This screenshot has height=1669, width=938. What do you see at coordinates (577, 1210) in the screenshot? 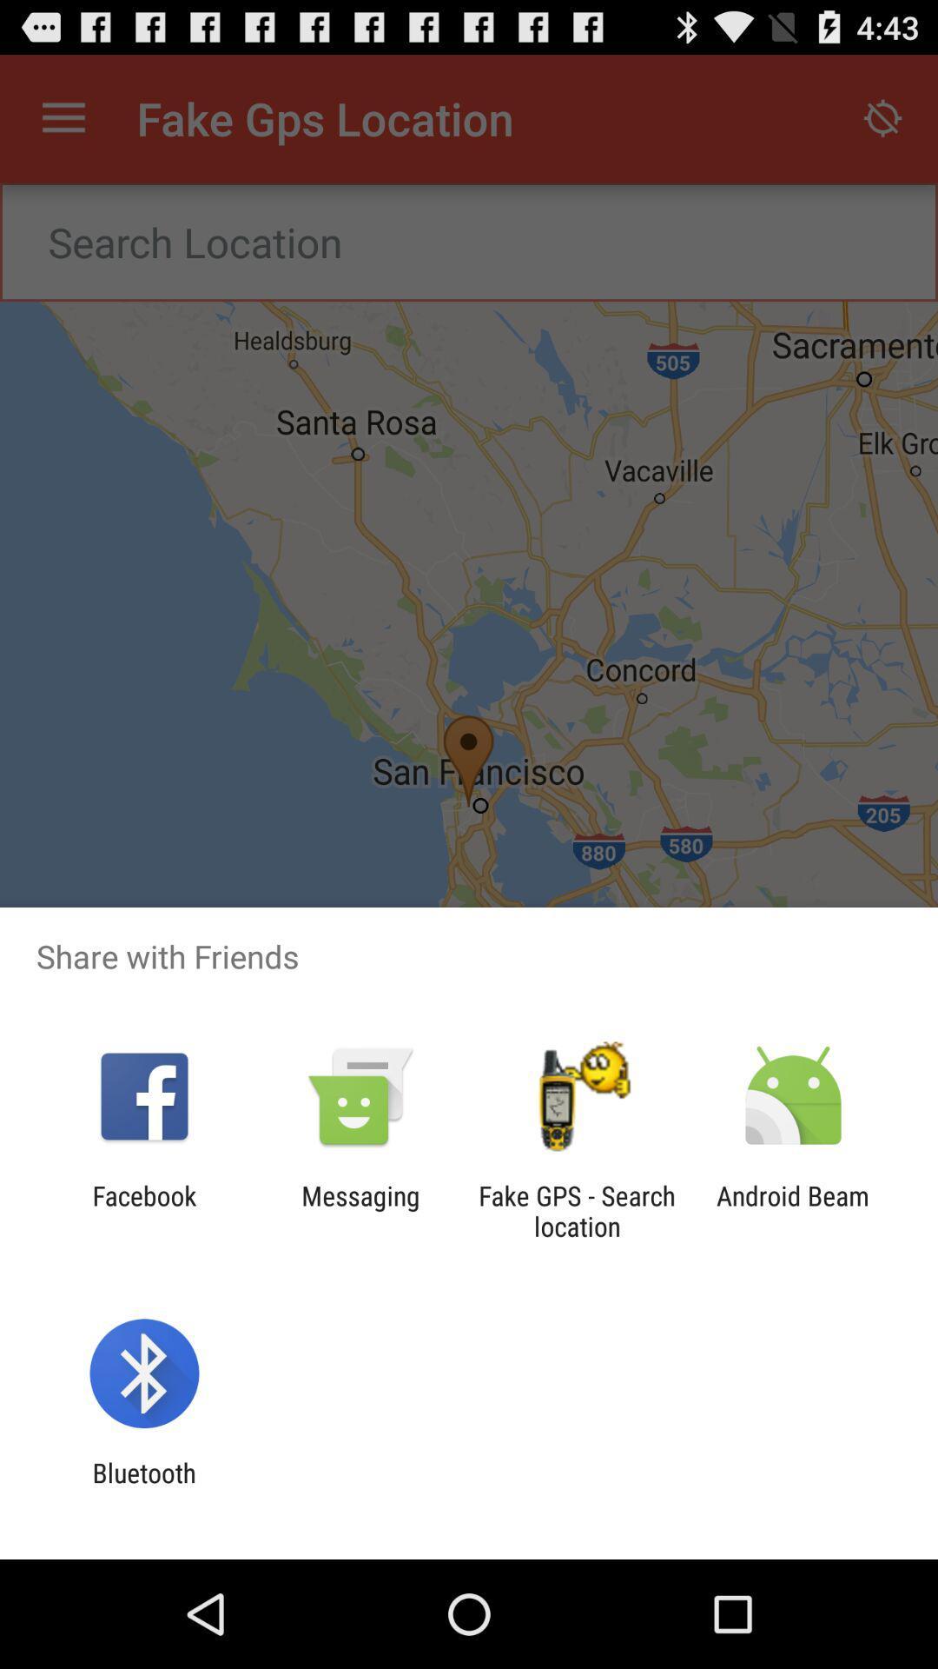
I see `item next to messaging app` at bounding box center [577, 1210].